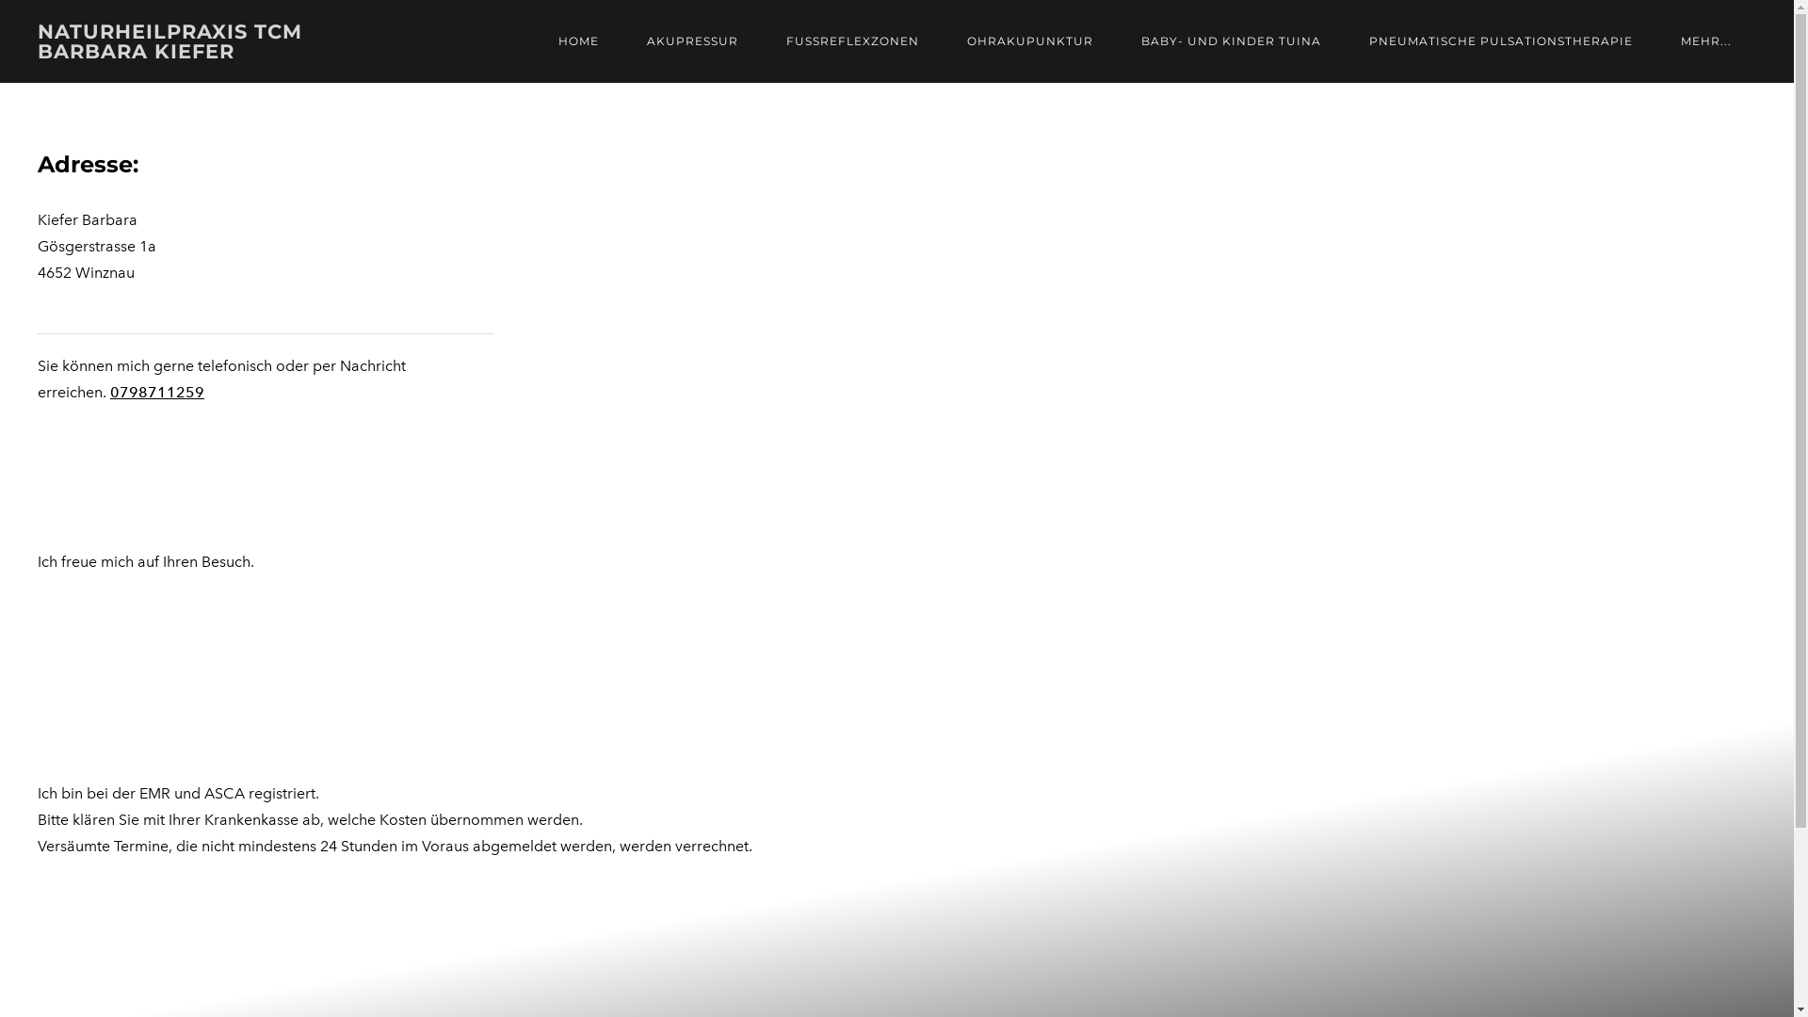 The image size is (1808, 1017). I want to click on 'BABY- UND KINDER TUINA', so click(1231, 40).